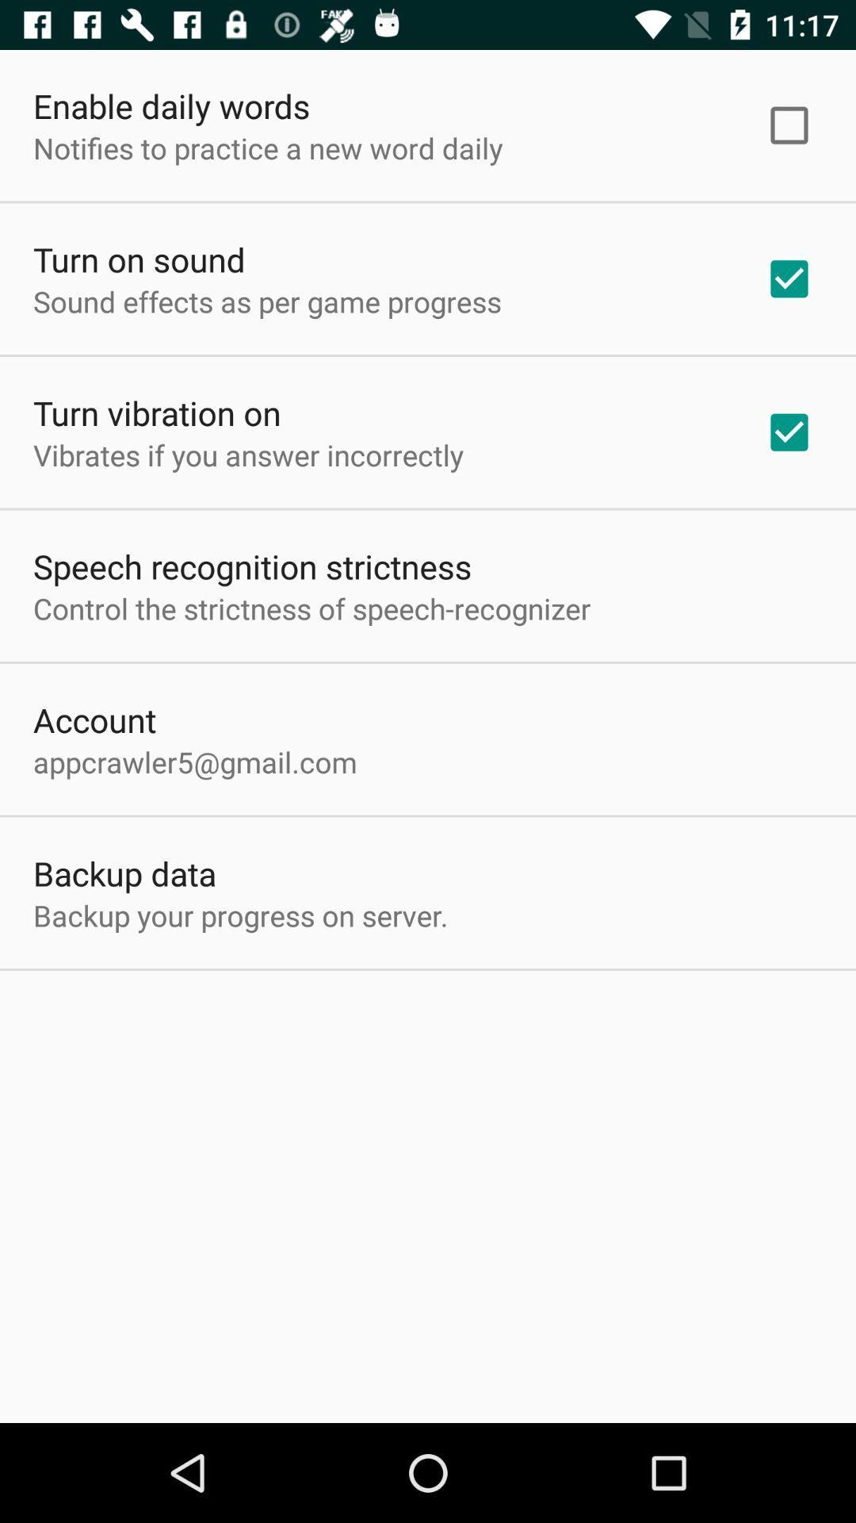  Describe the element at coordinates (311, 608) in the screenshot. I see `the app at the center` at that location.